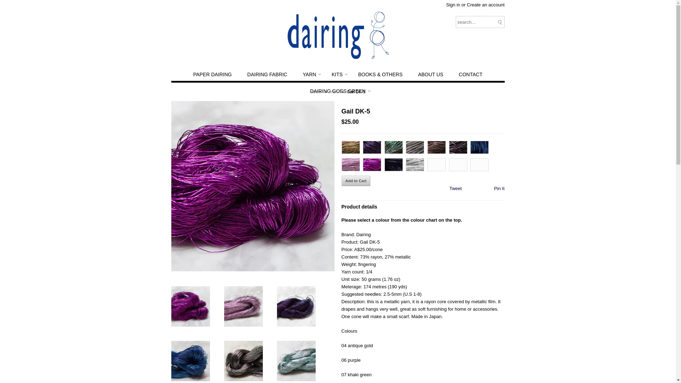 This screenshot has width=681, height=383. What do you see at coordinates (212, 74) in the screenshot?
I see `'PAPER DAIRING'` at bounding box center [212, 74].